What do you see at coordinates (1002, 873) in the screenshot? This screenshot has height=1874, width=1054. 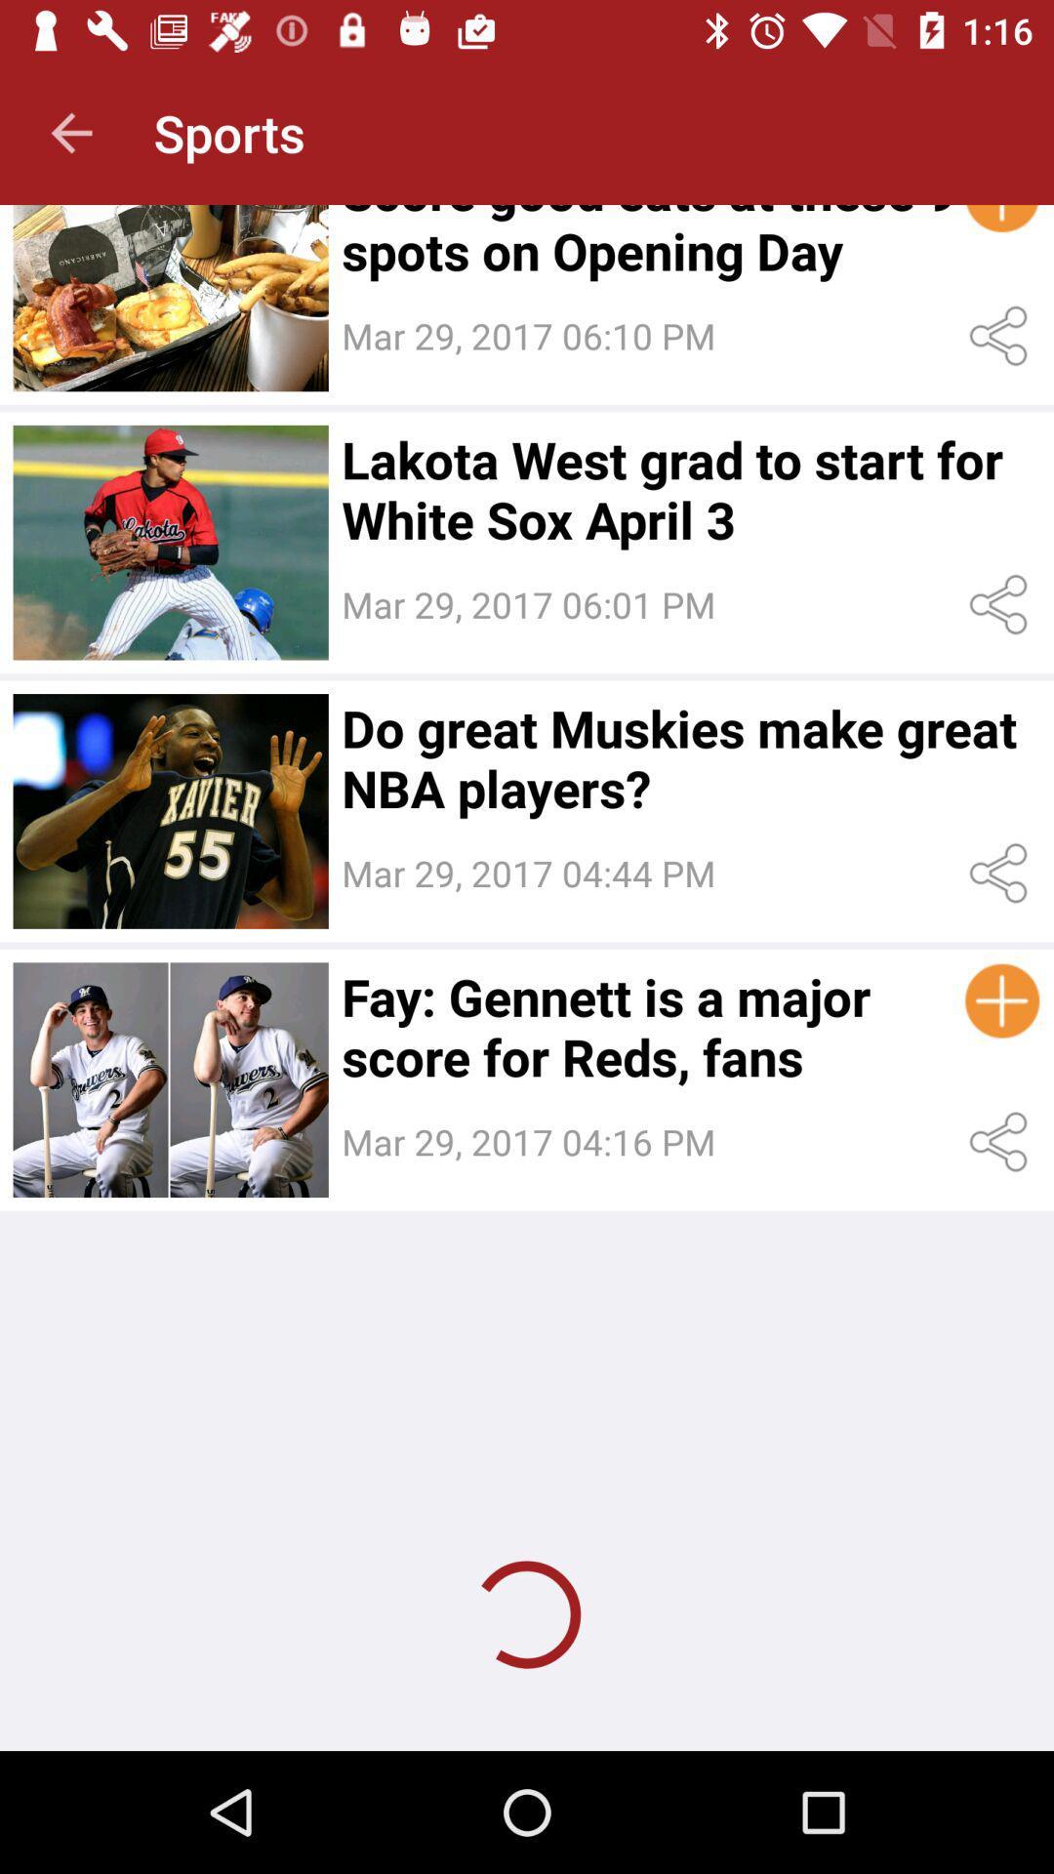 I see `share the content` at bounding box center [1002, 873].